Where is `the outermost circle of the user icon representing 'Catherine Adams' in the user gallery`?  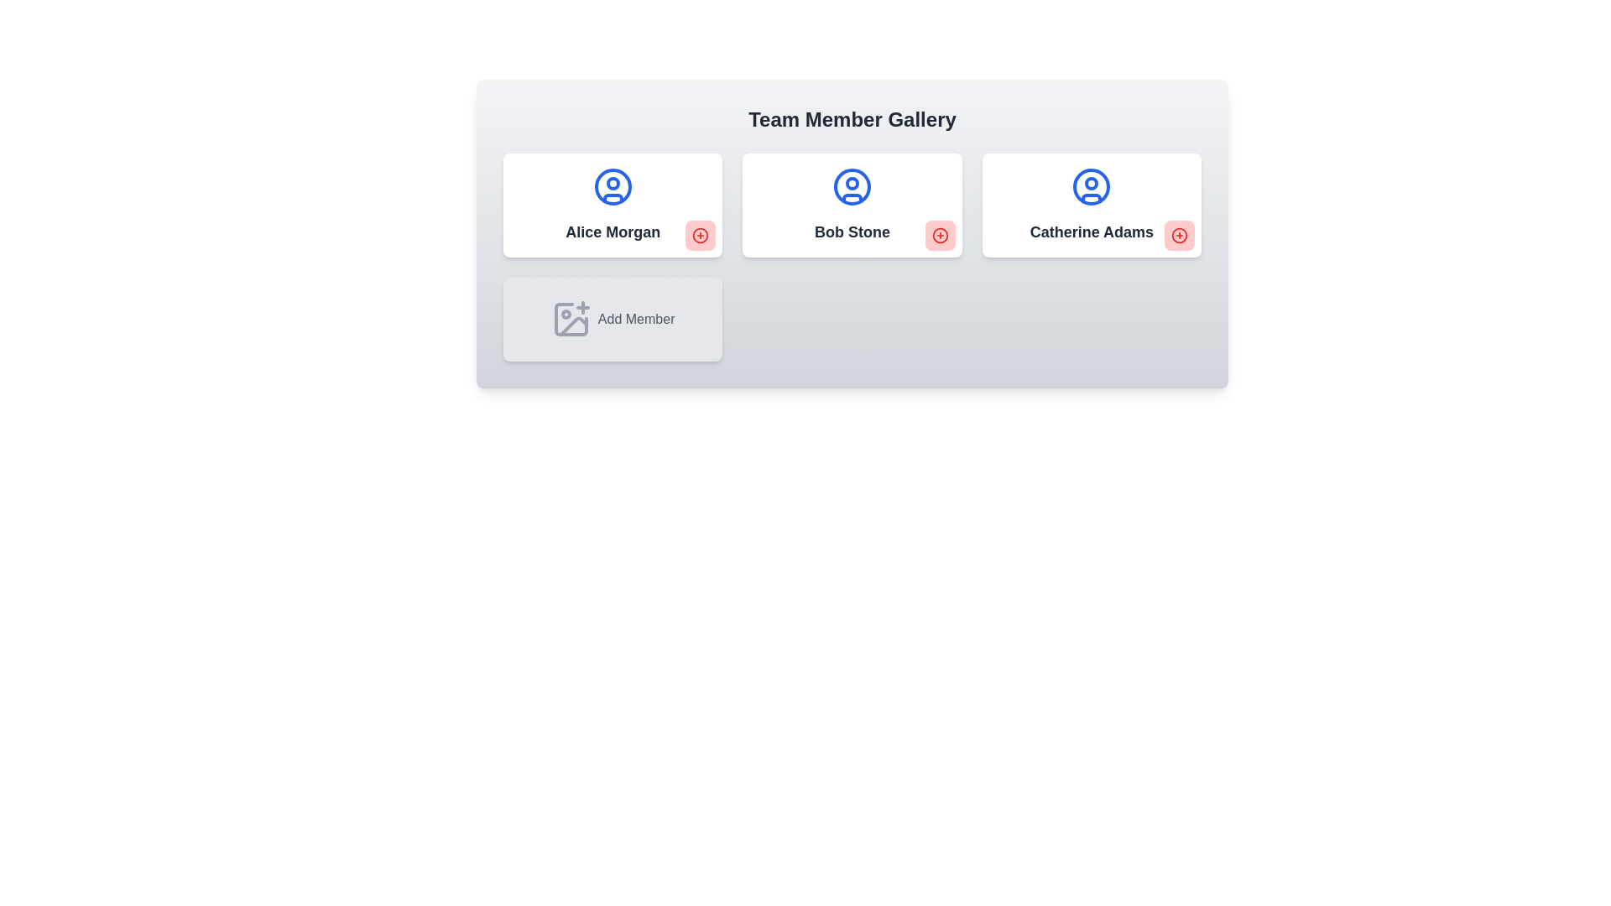 the outermost circle of the user icon representing 'Catherine Adams' in the user gallery is located at coordinates (1092, 187).